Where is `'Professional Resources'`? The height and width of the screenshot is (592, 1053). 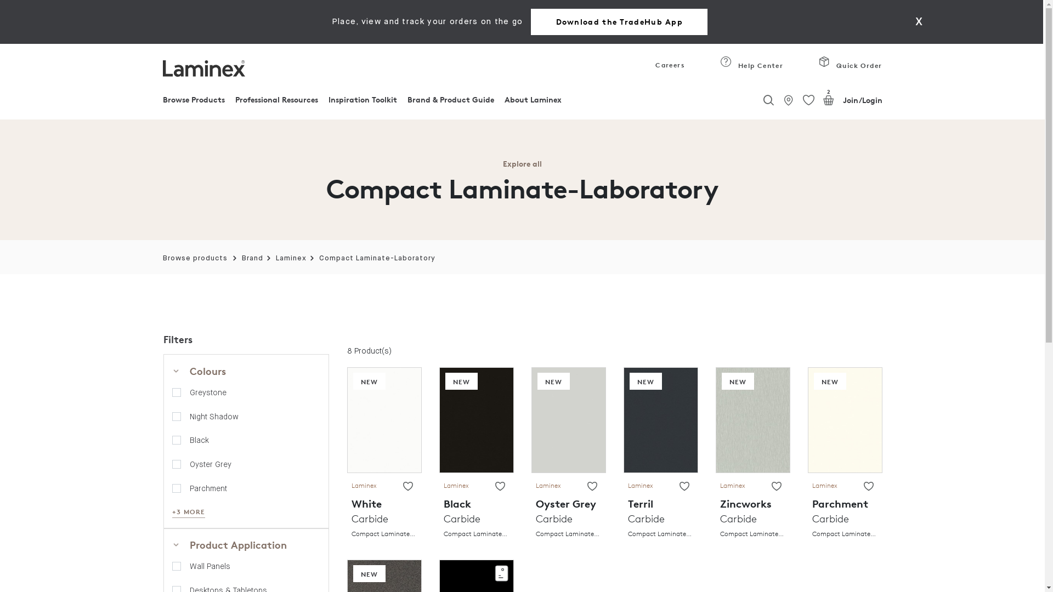 'Professional Resources' is located at coordinates (276, 102).